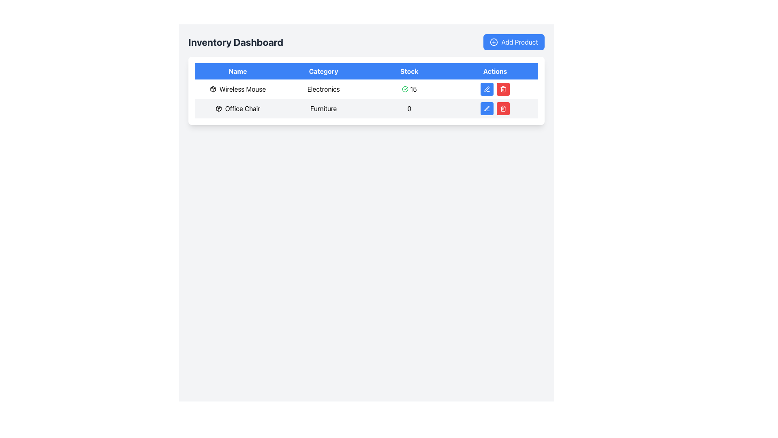 The height and width of the screenshot is (438, 778). What do you see at coordinates (409, 108) in the screenshot?
I see `the numeric digit '0' in the 'Stock' column of the second row in the data table, which is located between the 'Category' and 'Actions' columns` at bounding box center [409, 108].